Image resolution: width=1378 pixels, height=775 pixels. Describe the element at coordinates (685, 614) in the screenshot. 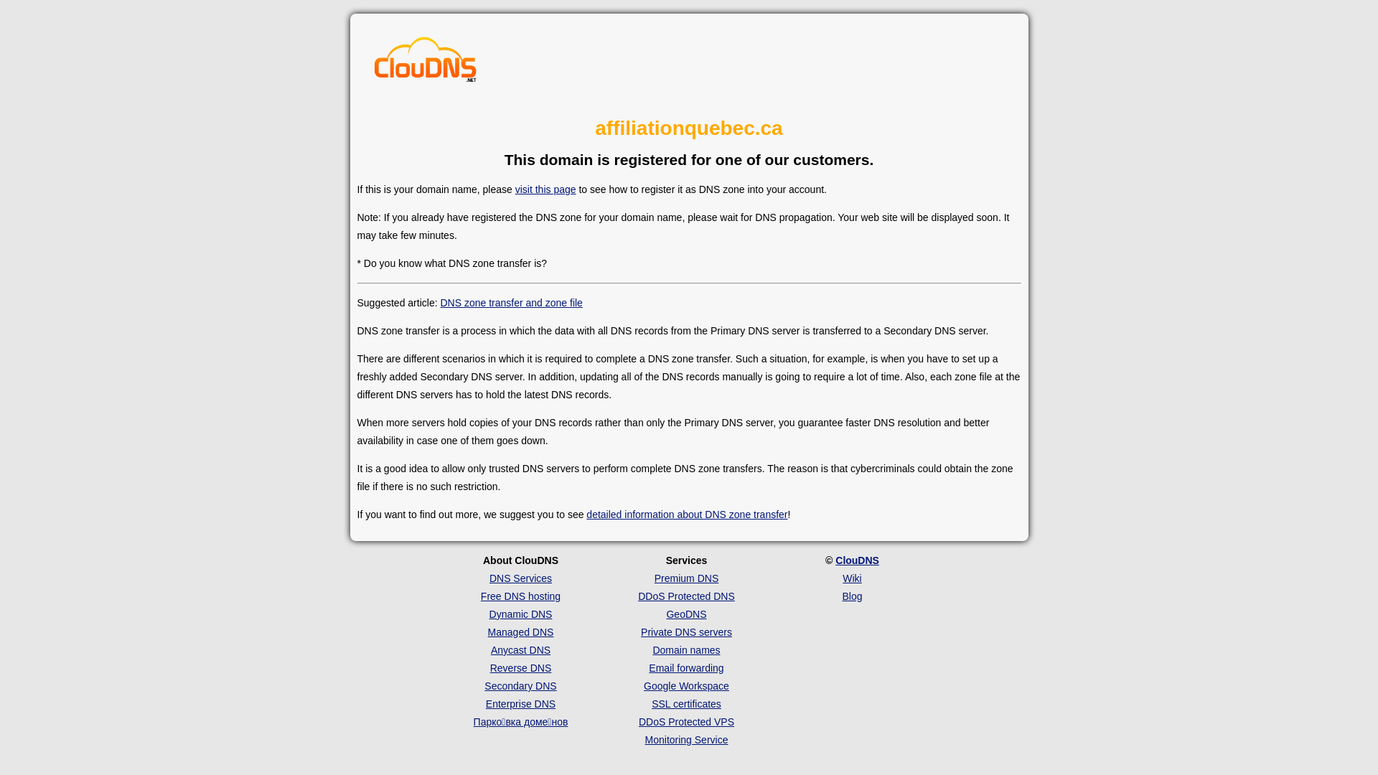

I see `'GeoDNS'` at that location.